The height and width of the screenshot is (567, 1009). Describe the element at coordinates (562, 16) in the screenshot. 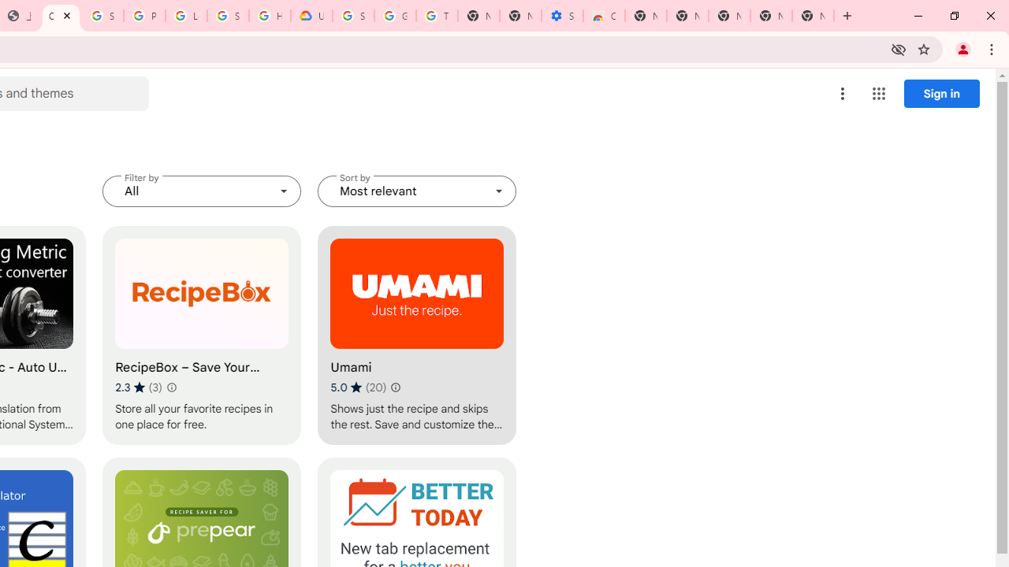

I see `'Settings - Accessibility'` at that location.